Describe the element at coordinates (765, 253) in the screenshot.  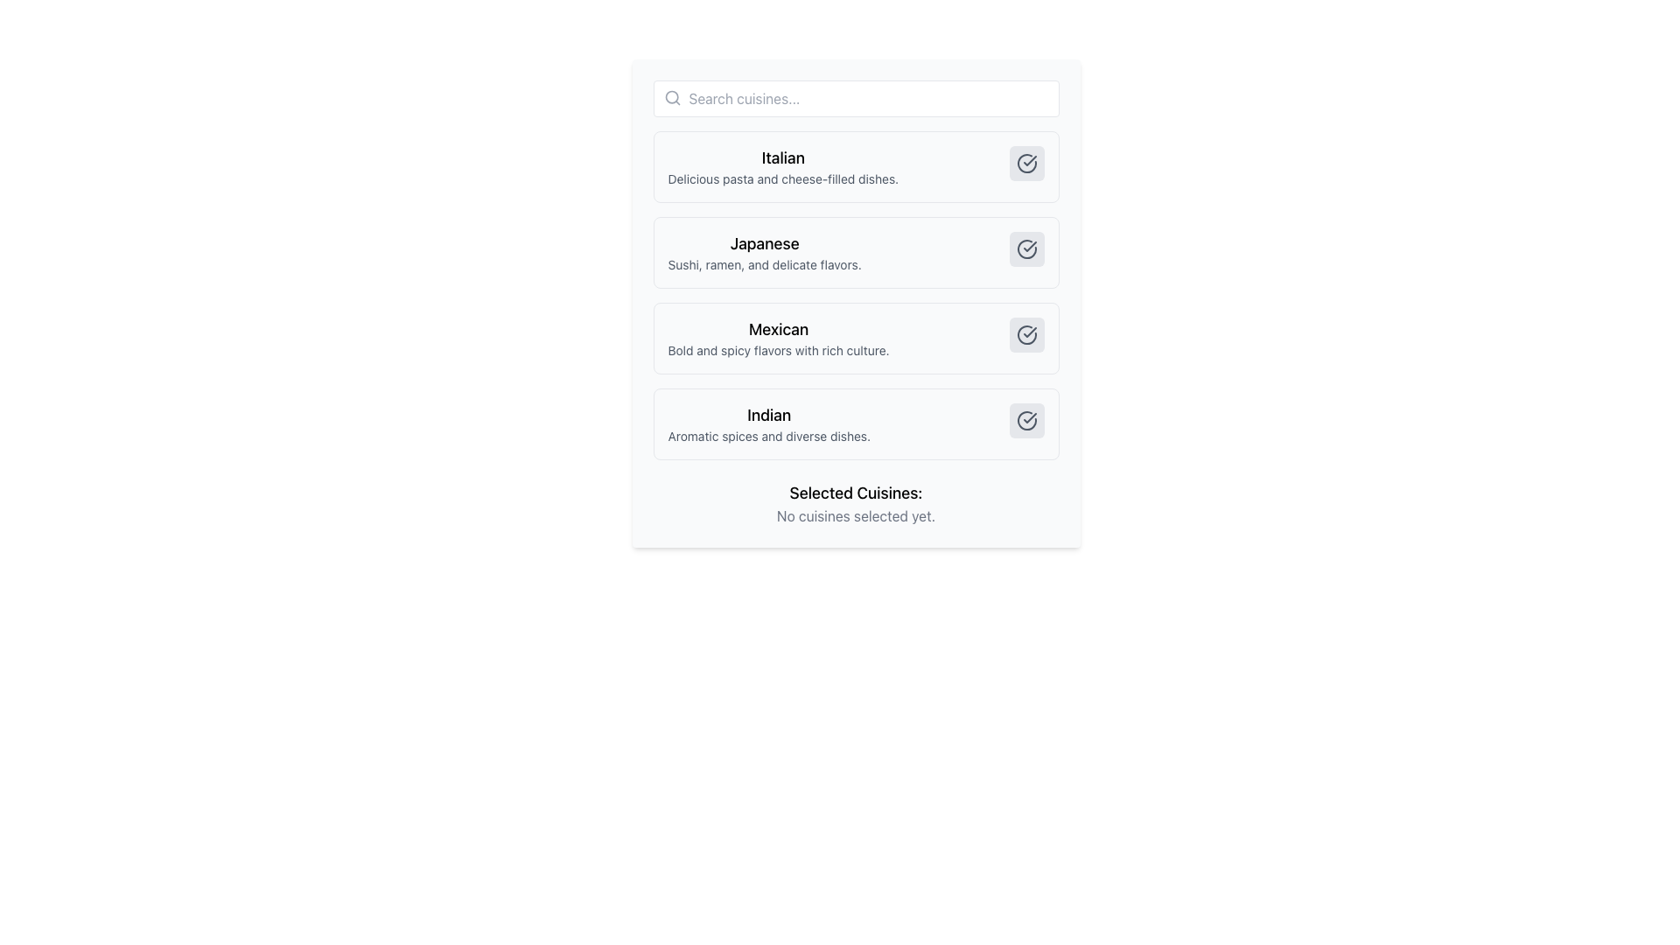
I see `the Text Display element that shows 'Japanese' cuisine type, located between 'Italian' and 'Mexican' entries, to the left of a small gray circular button` at that location.